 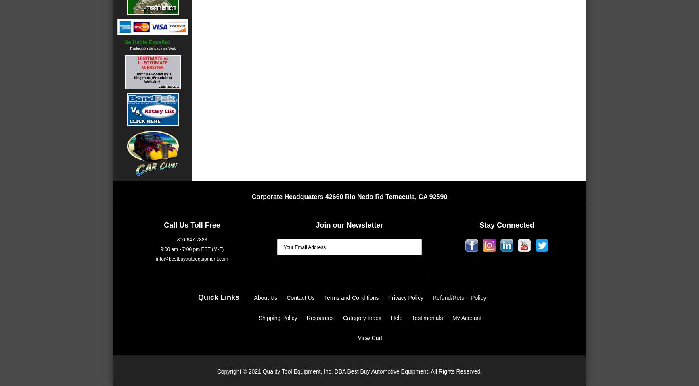 What do you see at coordinates (362, 317) in the screenshot?
I see `'Category Index'` at bounding box center [362, 317].